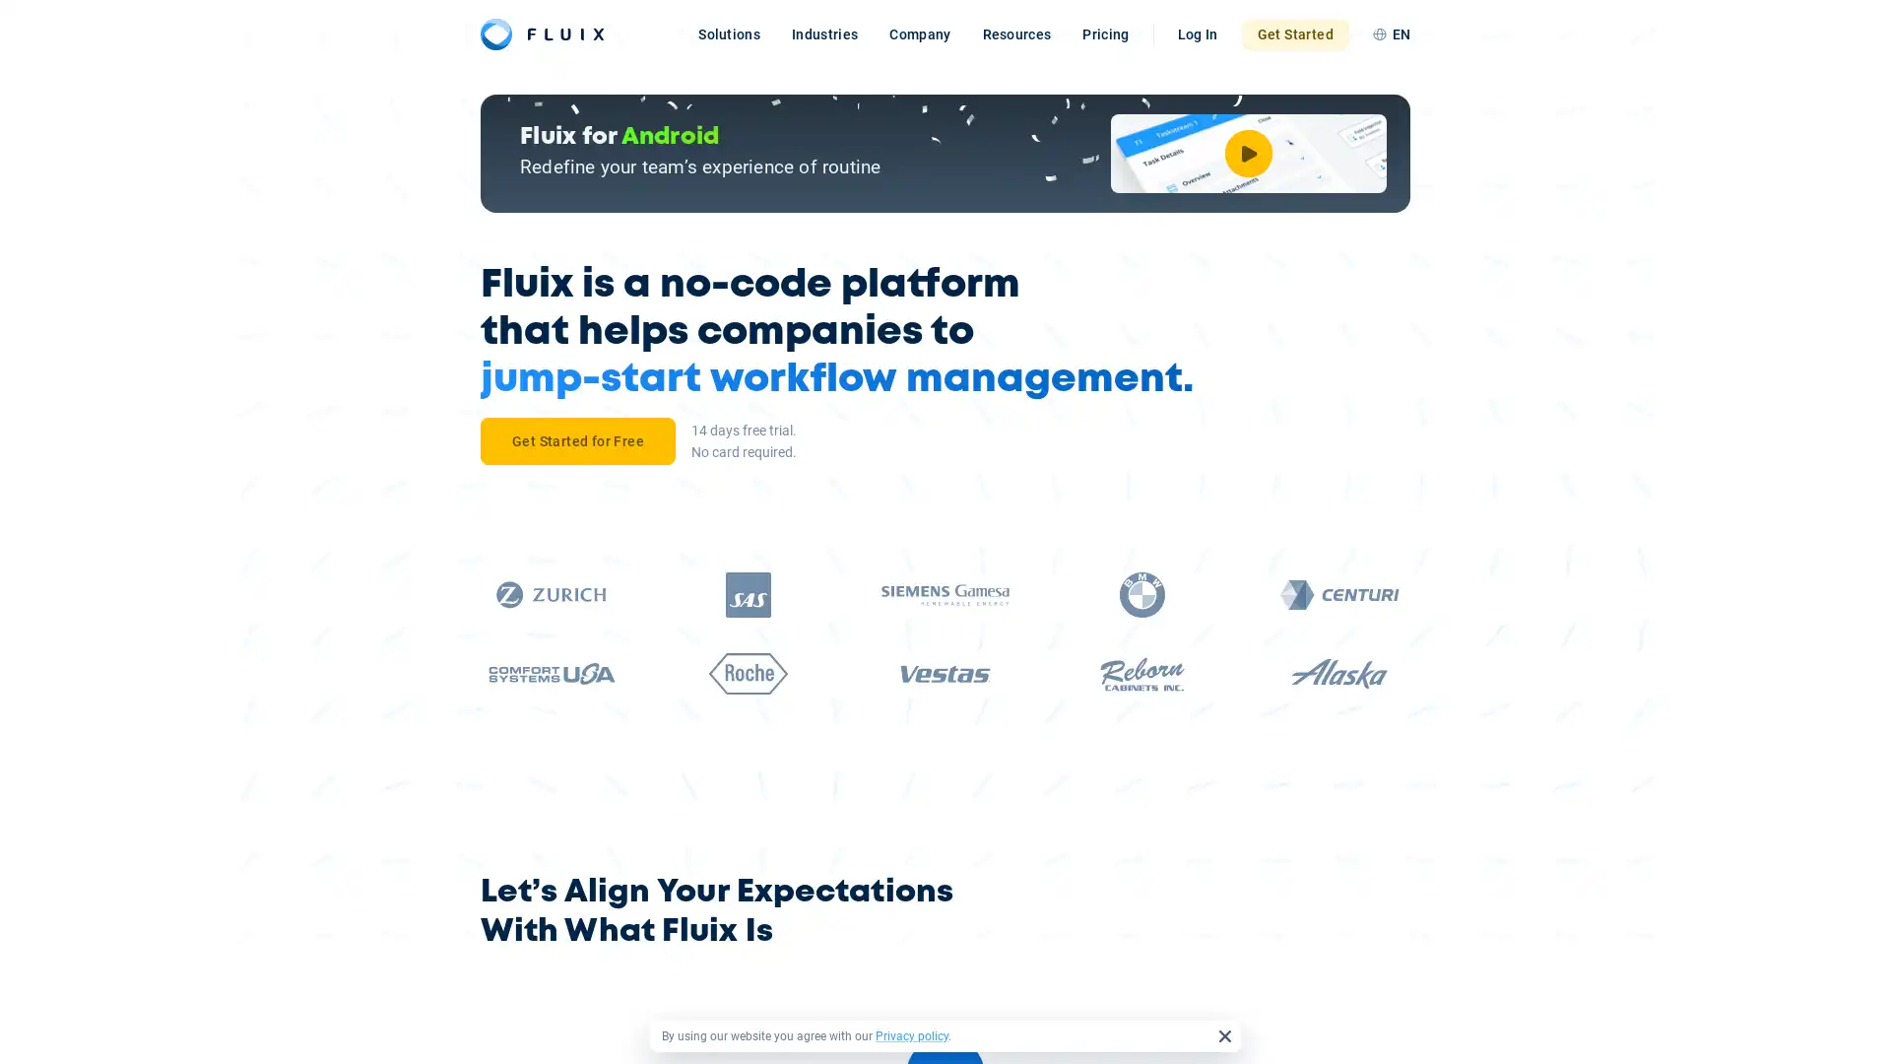 This screenshot has height=1064, width=1891. What do you see at coordinates (1247, 152) in the screenshot?
I see `Watch Video` at bounding box center [1247, 152].